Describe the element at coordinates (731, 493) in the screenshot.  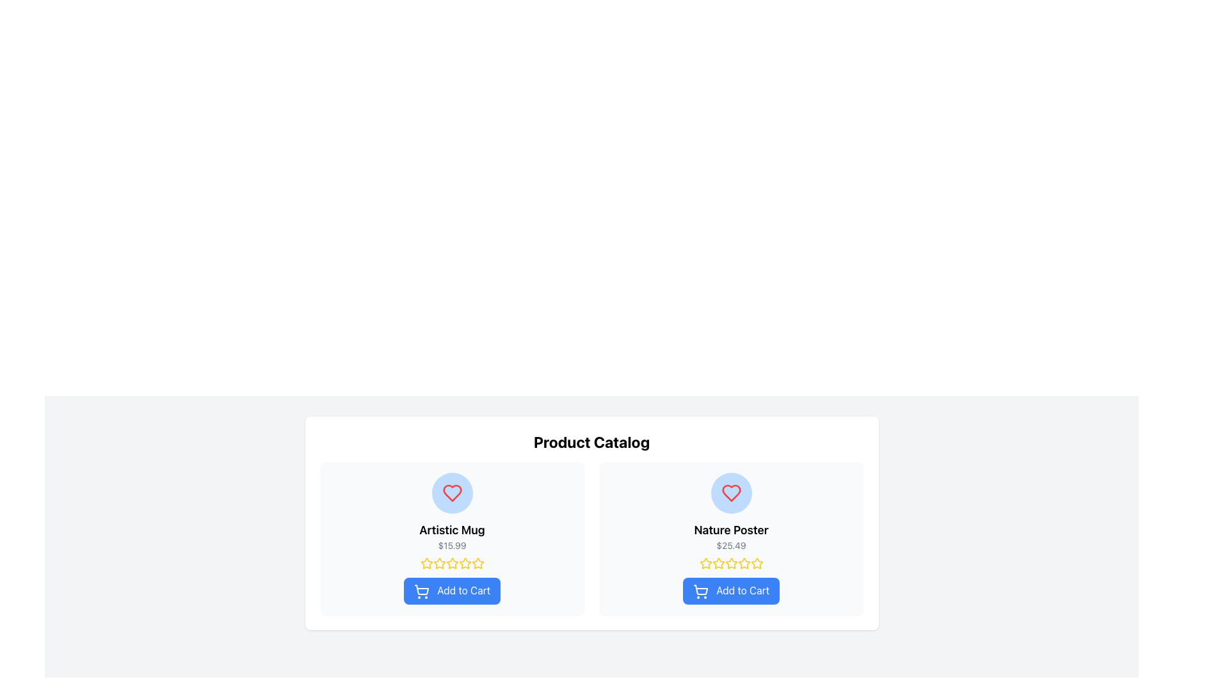
I see `the circular blue button with a red outlined heart icon located in the upper part of the 'Nature Poster' product card` at that location.